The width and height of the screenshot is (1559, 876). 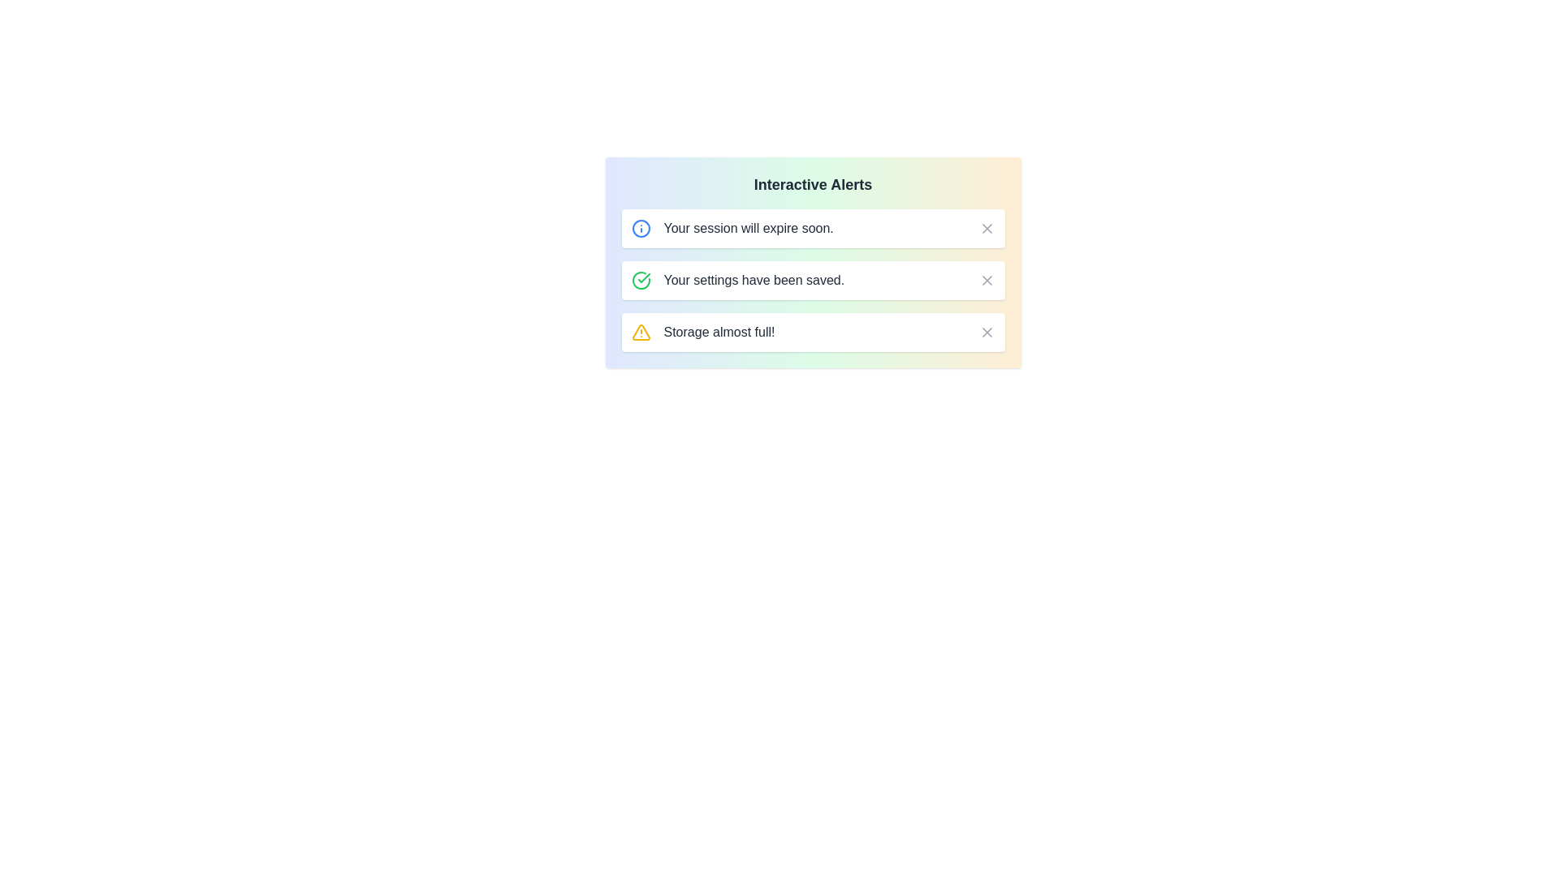 What do you see at coordinates (640, 228) in the screenshot?
I see `the circular shape that serves as part of the background of the SVG alert icon located at the left side of the first row in the 'Interactive Alerts' panel` at bounding box center [640, 228].